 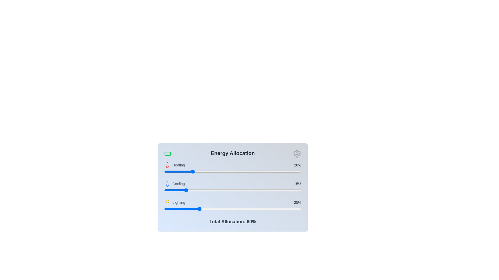 What do you see at coordinates (208, 190) in the screenshot?
I see `the cooling allocation slider to 32%` at bounding box center [208, 190].